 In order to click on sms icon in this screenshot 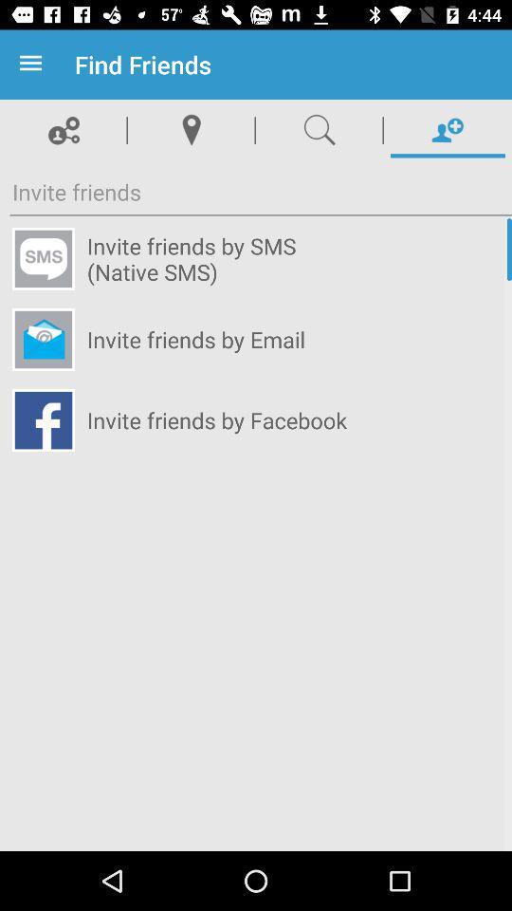, I will do `click(44, 258)`.